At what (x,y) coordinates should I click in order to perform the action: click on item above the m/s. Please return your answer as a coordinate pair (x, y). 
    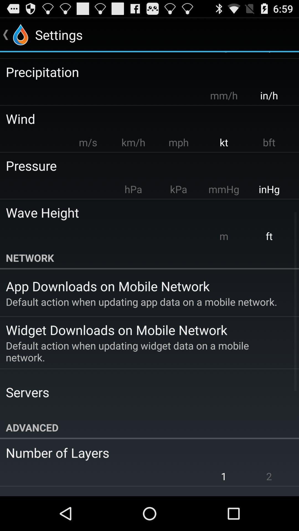
    Looking at the image, I should click on (145, 118).